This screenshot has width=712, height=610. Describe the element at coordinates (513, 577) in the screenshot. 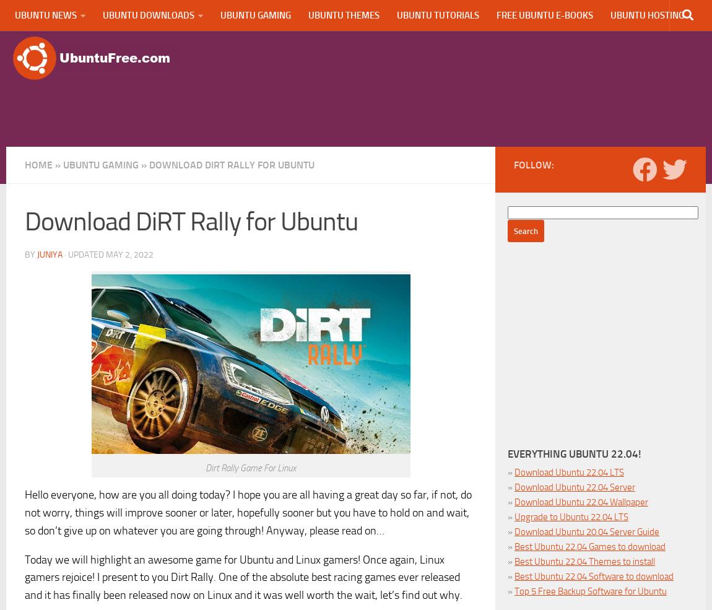

I see `'Best Ubuntu 22.04 Software to download'` at that location.